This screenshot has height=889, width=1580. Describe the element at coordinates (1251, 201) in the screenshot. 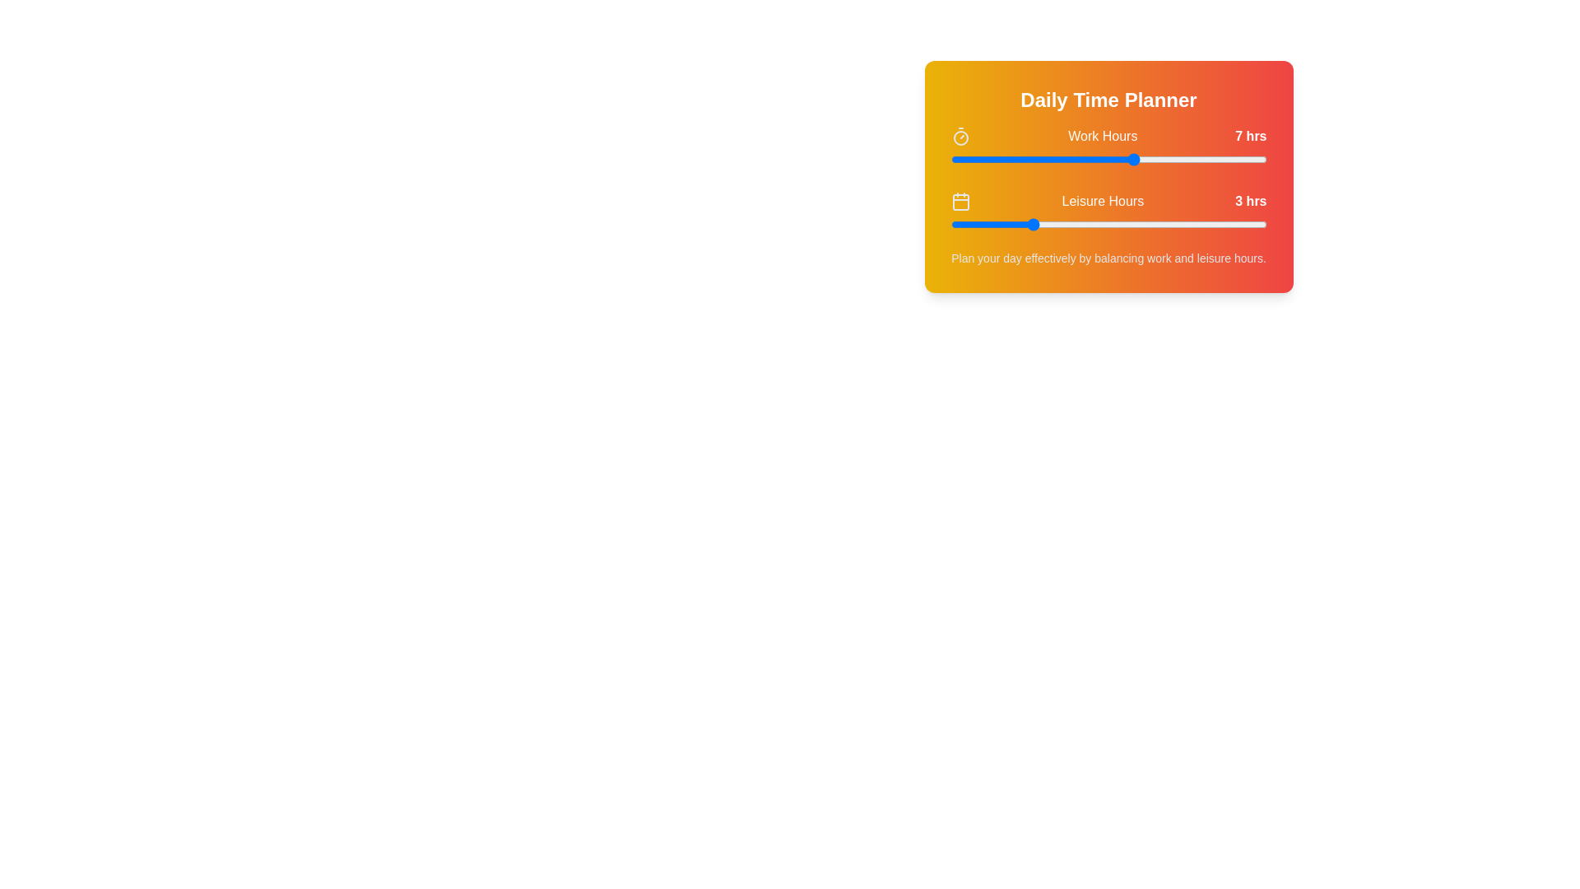

I see `the text label displaying leisure hours in the 'Daily Time Planner', which is aligned to the right of the 'Leisure Hours' text` at that location.